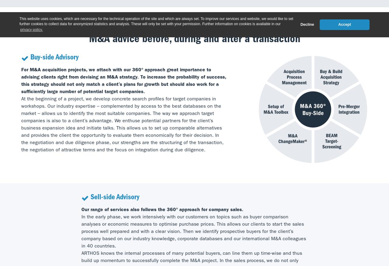 This screenshot has height=266, width=389. Describe the element at coordinates (156, 21) in the screenshot. I see `'This website uses cookies, which are necessary for the technical operation of the site and which are always set. To improve our services and website, we would like to set further cookies to collect data for anonymized statistics and analysis. These will only be set with your permission. Further information on cookies is available in our'` at that location.